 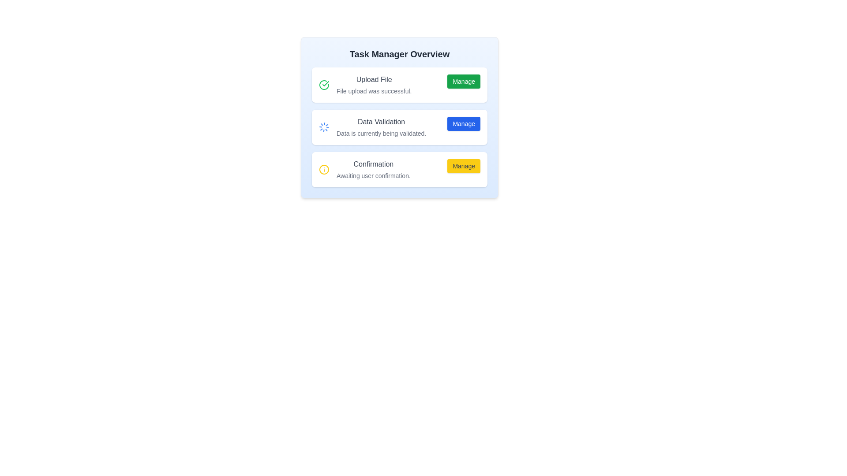 I want to click on the 'Manage' button with a yellow background and gray text, located within the 'Confirmation' card at the bottom of the stack in the 'Task Manager Overview', so click(x=463, y=166).